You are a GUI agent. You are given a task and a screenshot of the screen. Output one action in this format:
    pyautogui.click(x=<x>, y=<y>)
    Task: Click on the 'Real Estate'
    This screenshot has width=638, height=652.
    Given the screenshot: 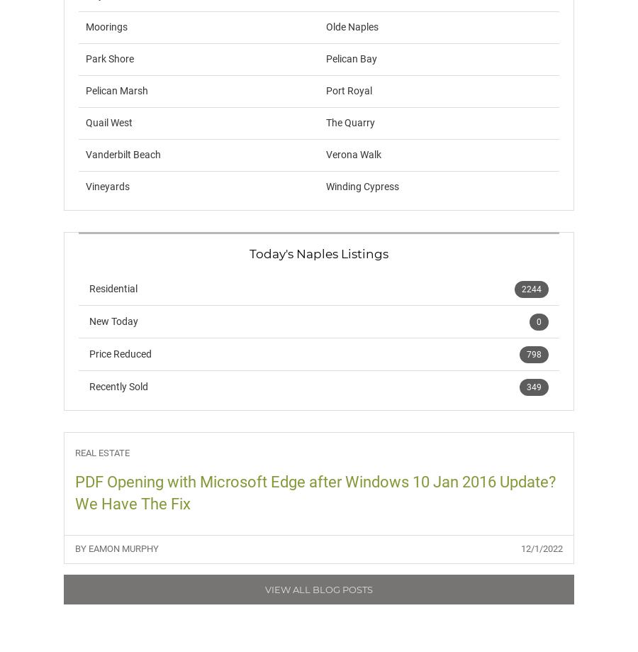 What is the action you would take?
    pyautogui.click(x=102, y=453)
    